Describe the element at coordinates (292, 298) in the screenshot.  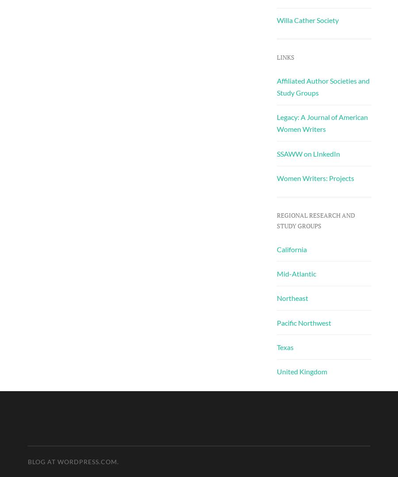
I see `'Northeast'` at that location.